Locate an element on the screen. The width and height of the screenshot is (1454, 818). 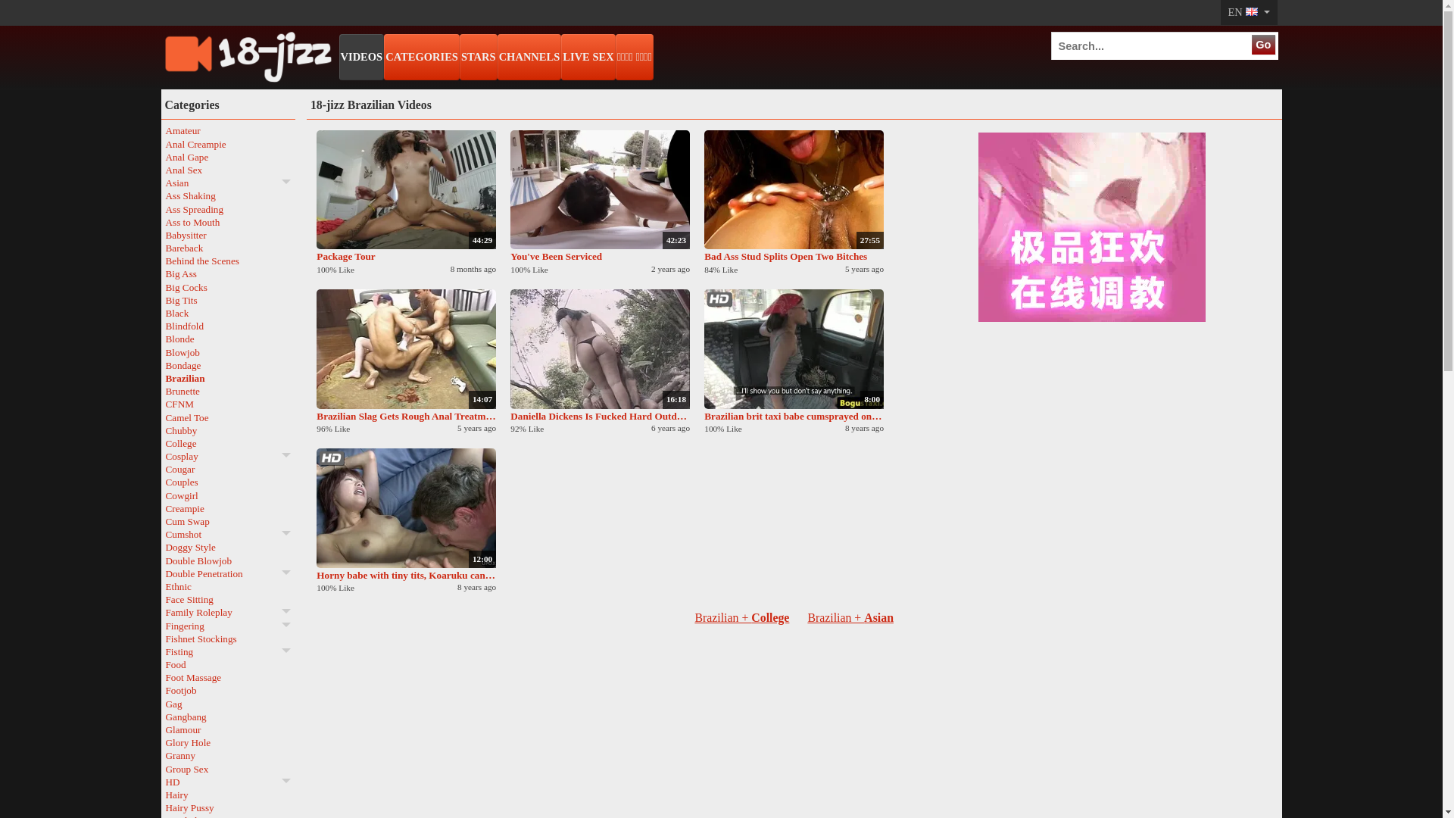
'Blindfold' is located at coordinates (227, 325).